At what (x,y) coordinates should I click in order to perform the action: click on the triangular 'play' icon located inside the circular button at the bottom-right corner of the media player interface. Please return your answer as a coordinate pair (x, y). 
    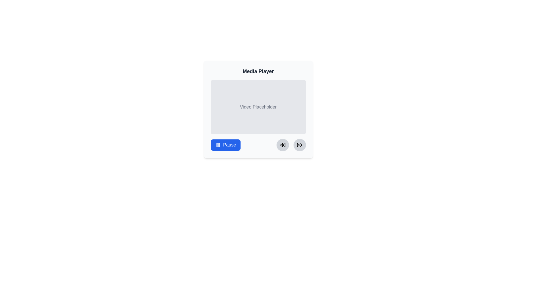
    Looking at the image, I should click on (298, 145).